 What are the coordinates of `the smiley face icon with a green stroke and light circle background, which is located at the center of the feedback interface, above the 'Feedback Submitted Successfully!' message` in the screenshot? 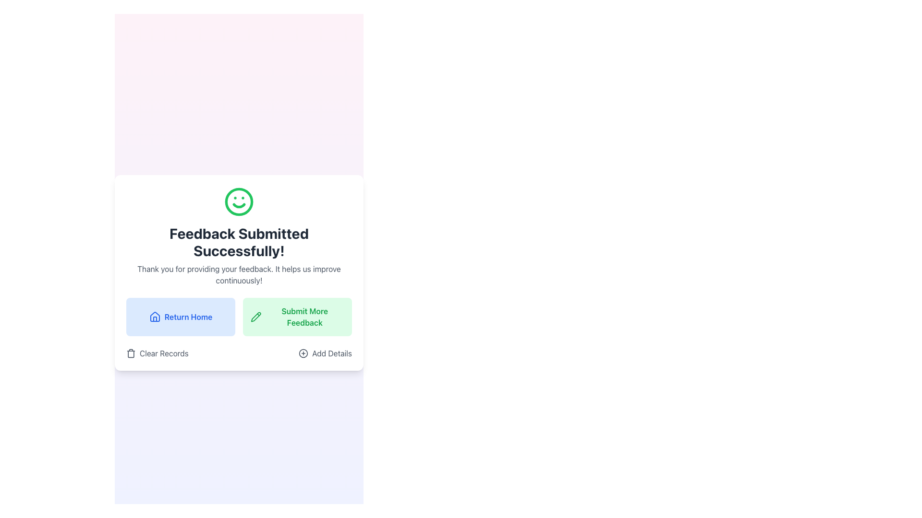 It's located at (239, 201).